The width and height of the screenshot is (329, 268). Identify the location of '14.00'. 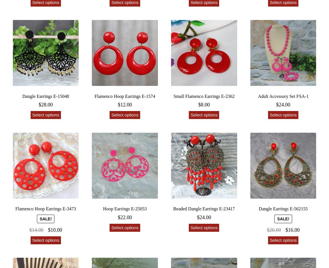
(37, 230).